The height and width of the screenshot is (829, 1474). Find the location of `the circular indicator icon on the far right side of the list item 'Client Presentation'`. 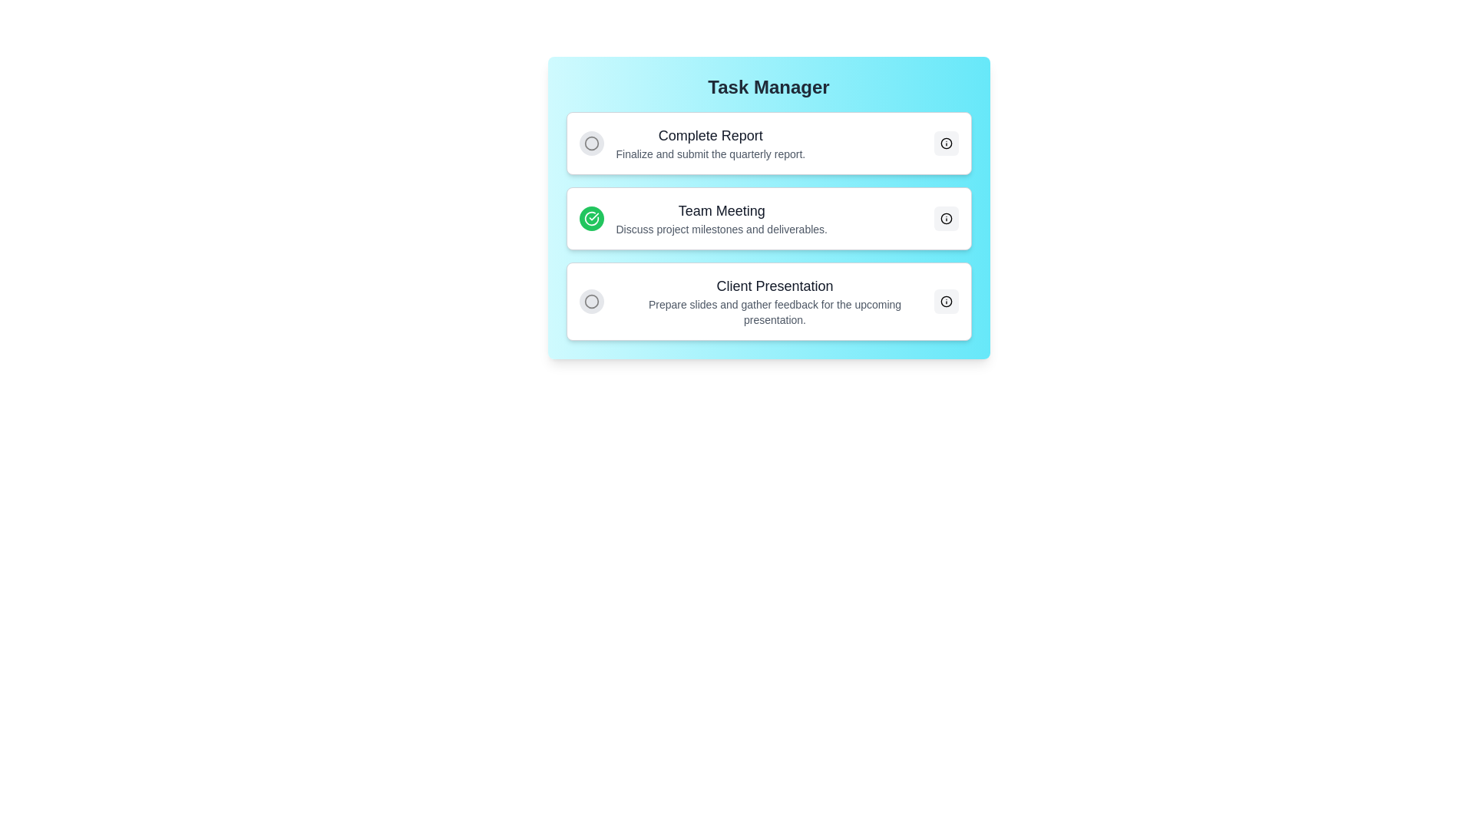

the circular indicator icon on the far right side of the list item 'Client Presentation' is located at coordinates (945, 302).